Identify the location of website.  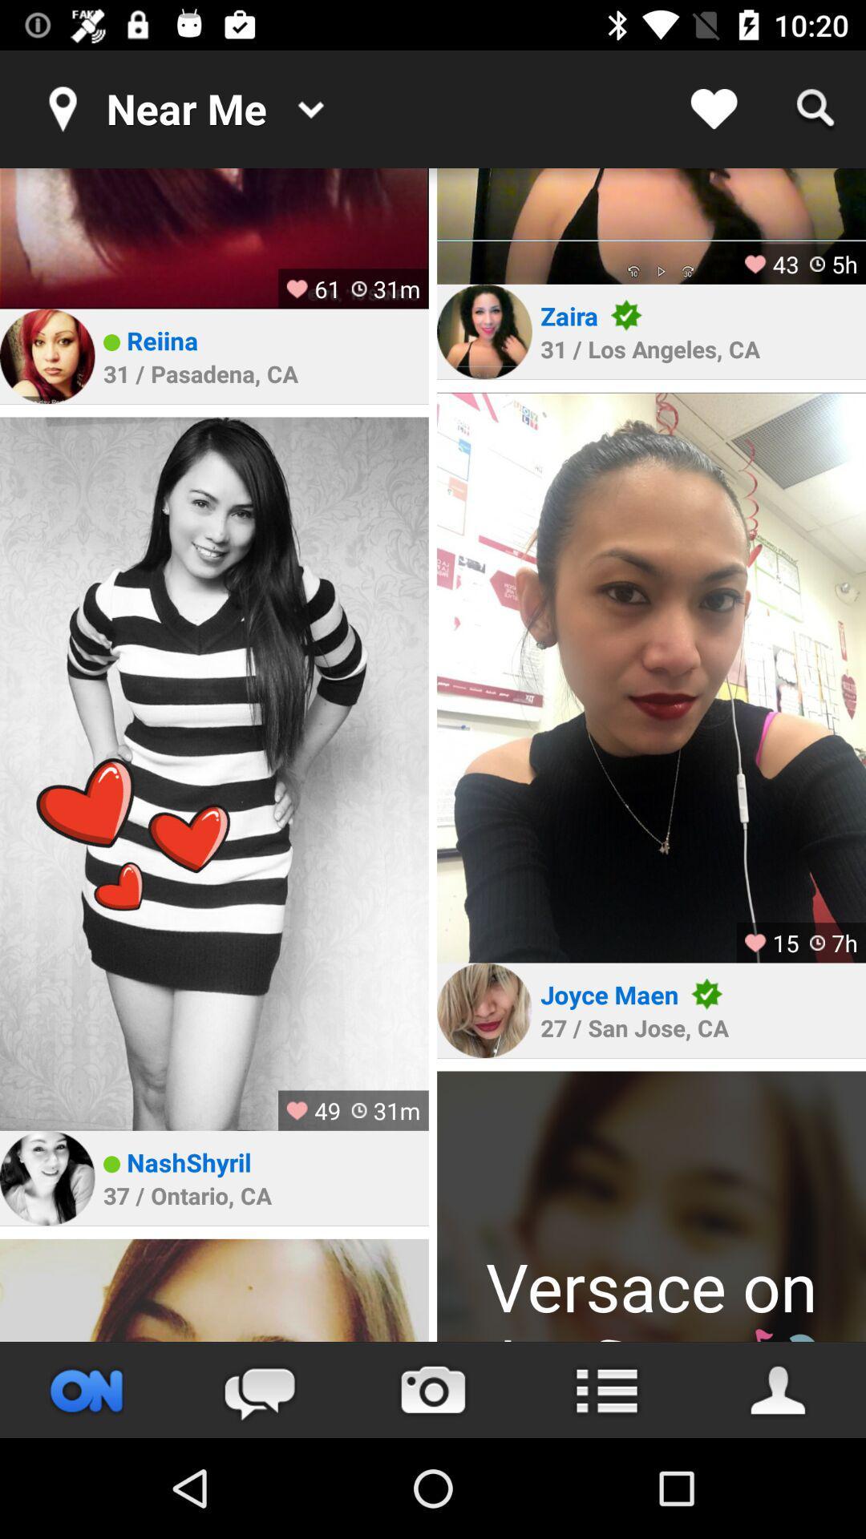
(87, 1389).